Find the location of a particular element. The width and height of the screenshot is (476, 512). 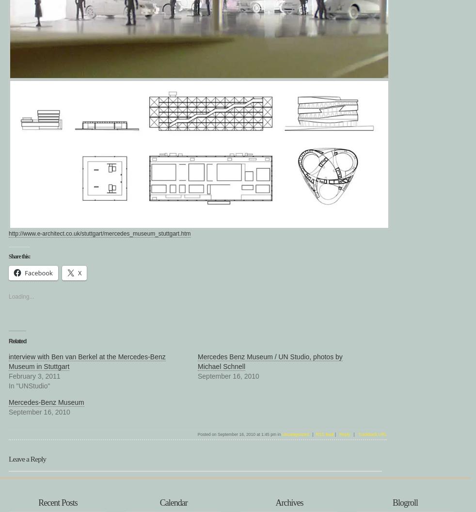

'Loading...' is located at coordinates (20, 296).